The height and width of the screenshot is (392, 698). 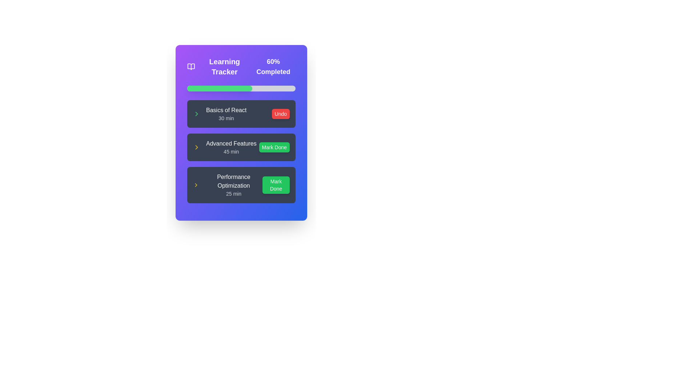 I want to click on the List Item titled 'Performance Optimization' which contains a green 'Mark Done' button and a yellow chevron icon, so click(x=241, y=184).